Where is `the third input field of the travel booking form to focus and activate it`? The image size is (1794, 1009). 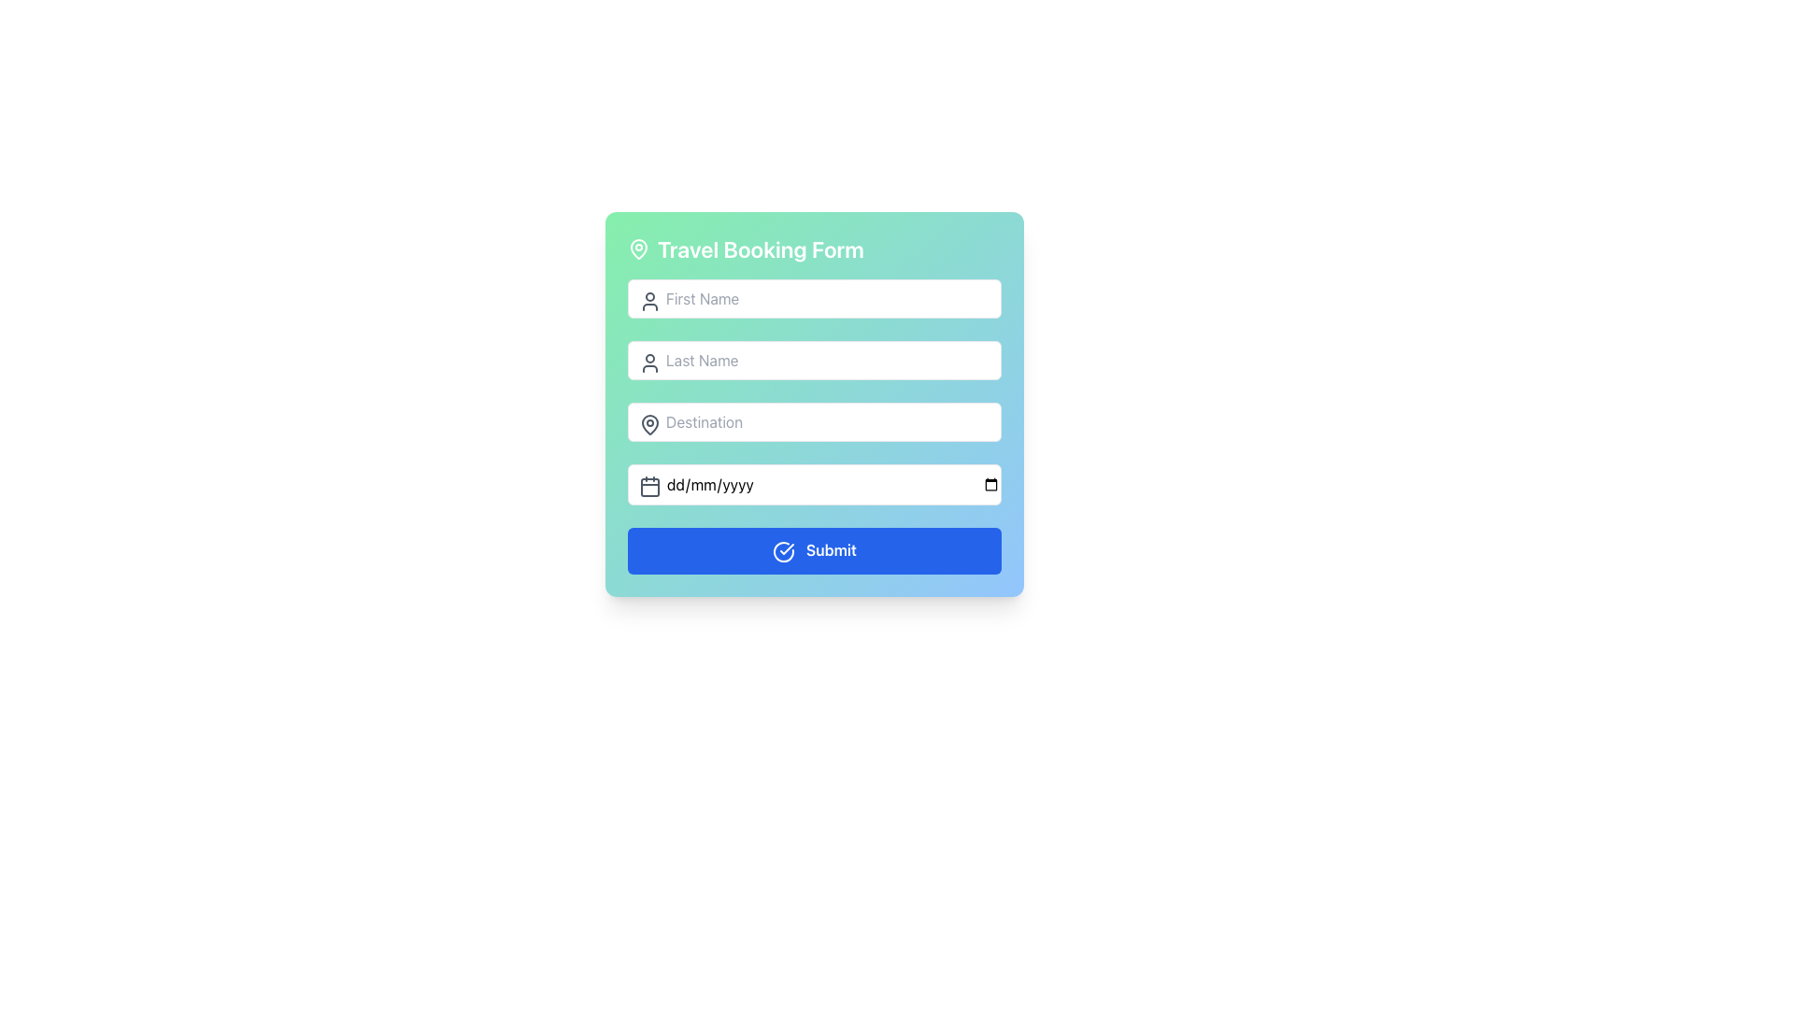
the third input field of the travel booking form to focus and activate it is located at coordinates (815, 403).